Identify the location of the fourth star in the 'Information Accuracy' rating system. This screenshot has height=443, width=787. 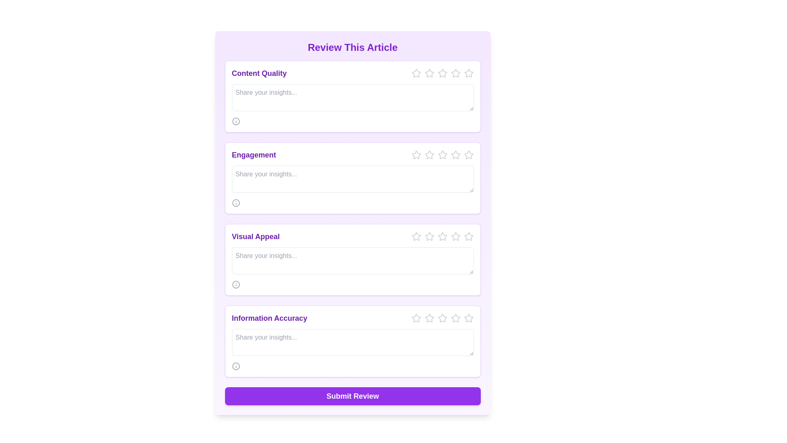
(442, 317).